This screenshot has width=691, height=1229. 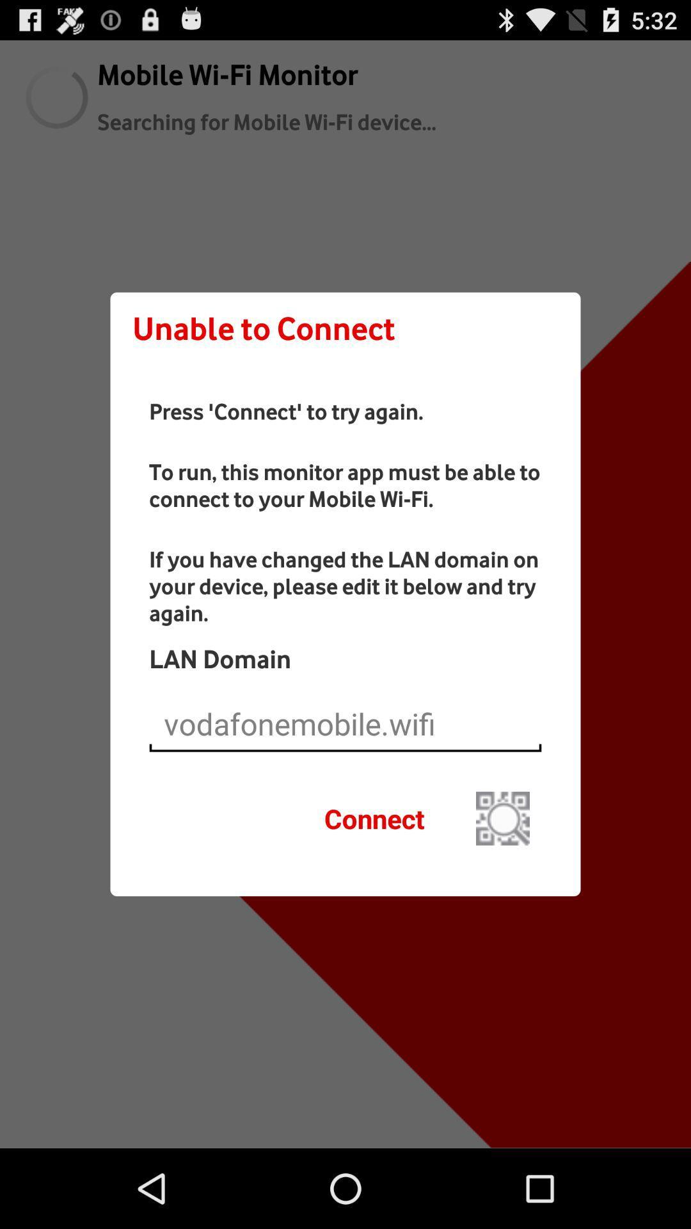 What do you see at coordinates (345, 724) in the screenshot?
I see `type domain` at bounding box center [345, 724].